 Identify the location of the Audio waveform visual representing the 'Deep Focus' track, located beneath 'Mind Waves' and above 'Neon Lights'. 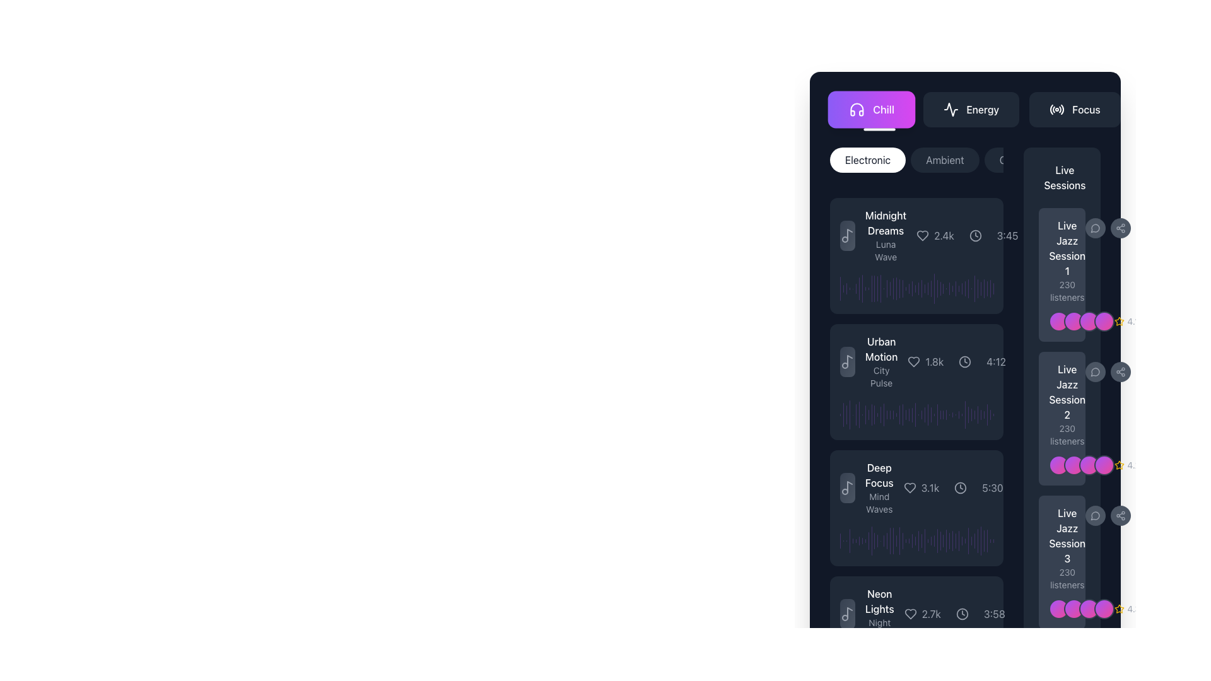
(916, 540).